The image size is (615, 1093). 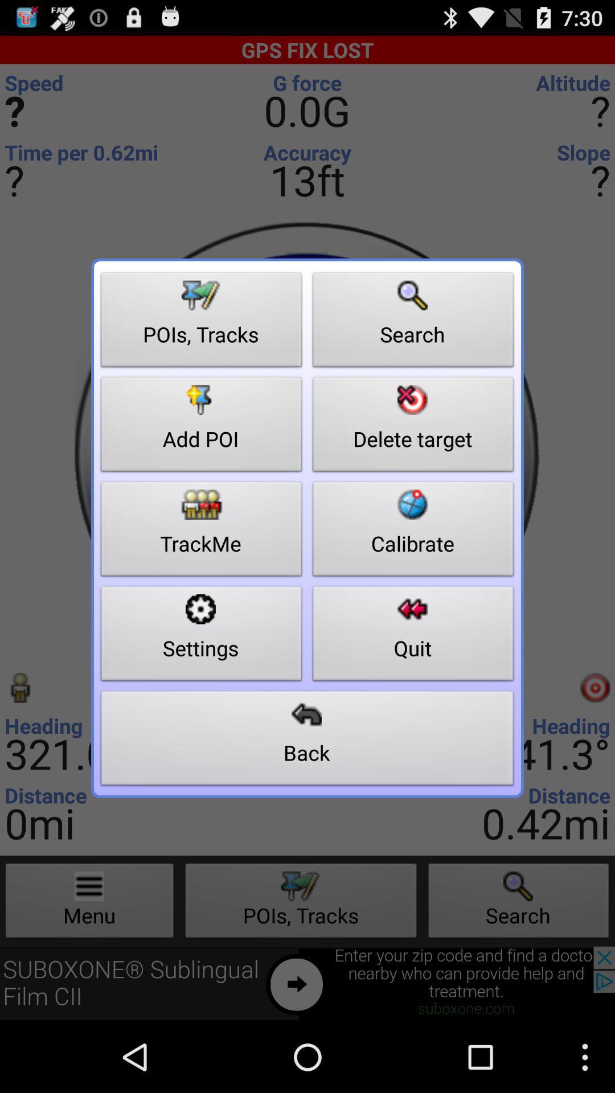 I want to click on quit, so click(x=413, y=636).